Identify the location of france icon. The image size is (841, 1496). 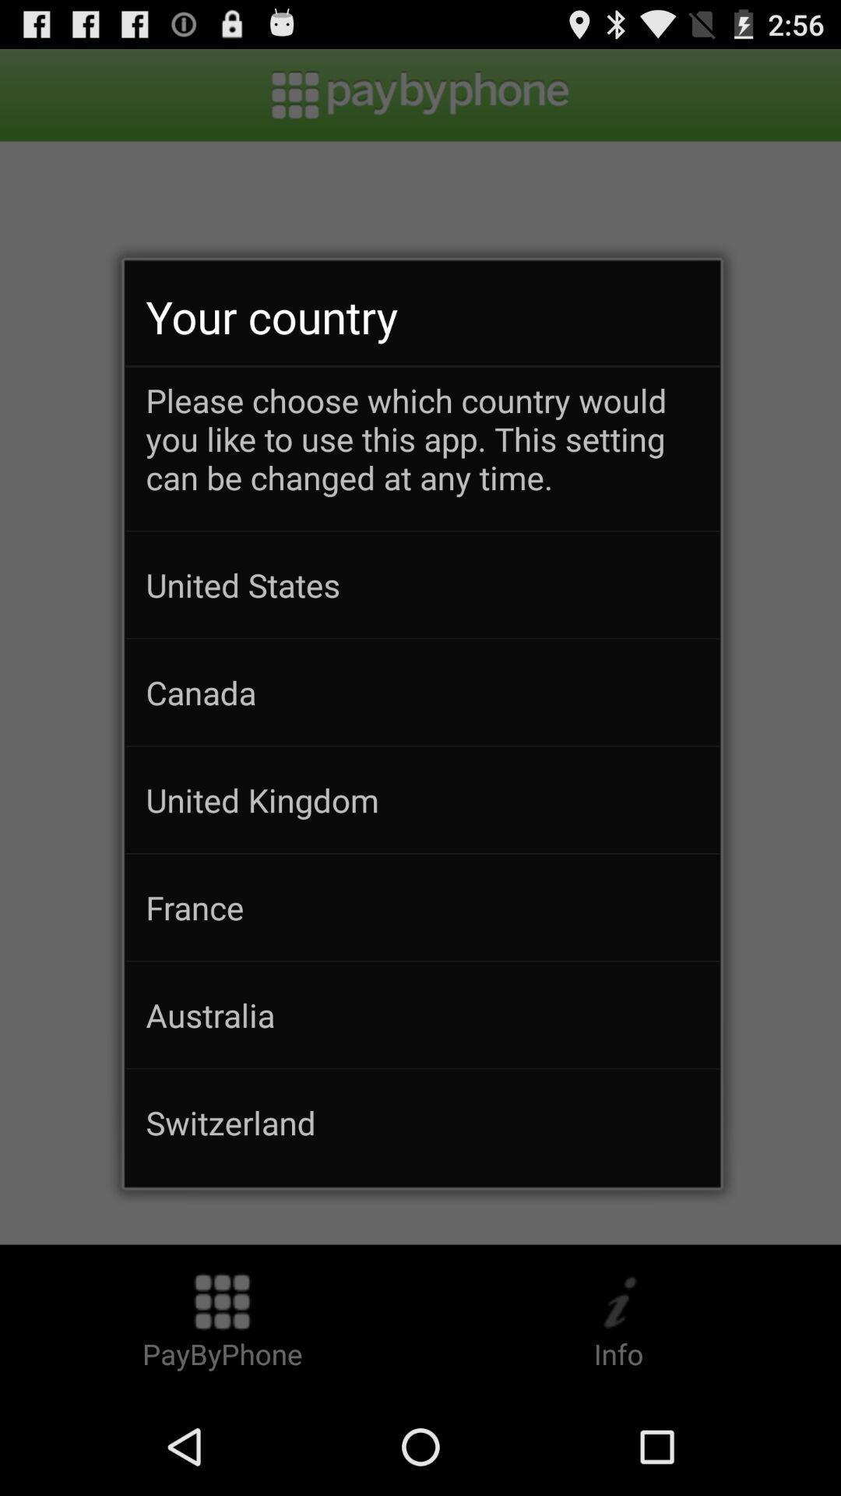
(422, 907).